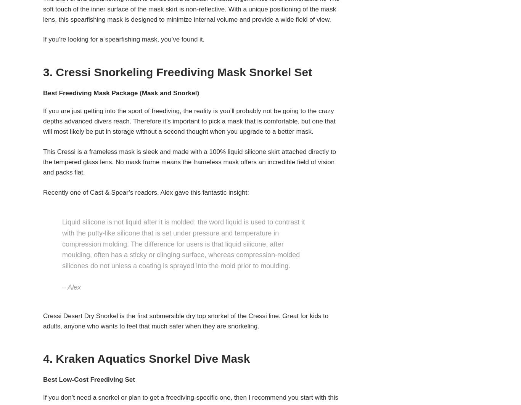 Image resolution: width=521 pixels, height=405 pixels. Describe the element at coordinates (152, 358) in the screenshot. I see `'Kraken Aquatics Snorkel Dive Mask'` at that location.